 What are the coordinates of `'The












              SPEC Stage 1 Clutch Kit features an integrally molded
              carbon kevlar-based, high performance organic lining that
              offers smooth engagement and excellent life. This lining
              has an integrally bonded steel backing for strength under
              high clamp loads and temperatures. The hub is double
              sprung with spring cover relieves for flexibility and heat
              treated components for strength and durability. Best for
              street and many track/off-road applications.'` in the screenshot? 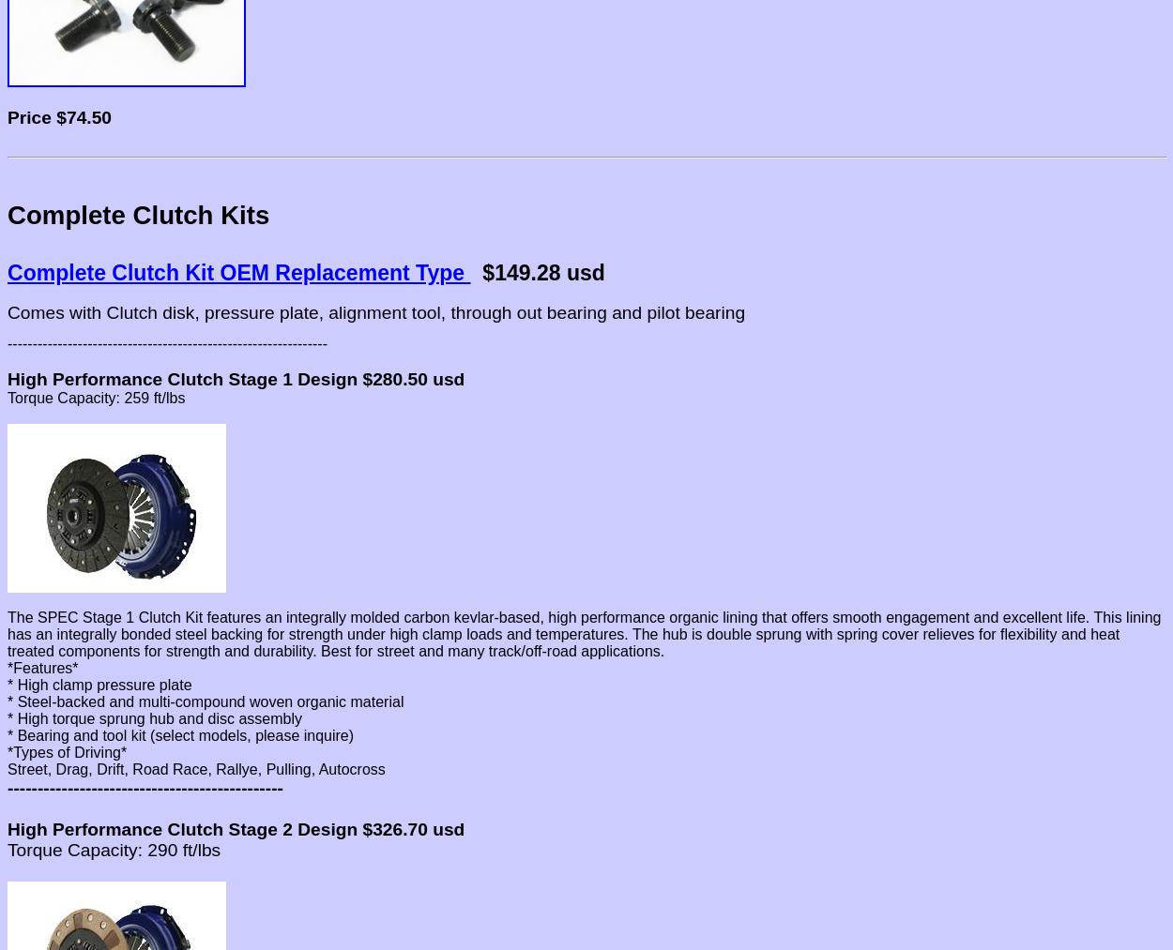 It's located at (583, 633).